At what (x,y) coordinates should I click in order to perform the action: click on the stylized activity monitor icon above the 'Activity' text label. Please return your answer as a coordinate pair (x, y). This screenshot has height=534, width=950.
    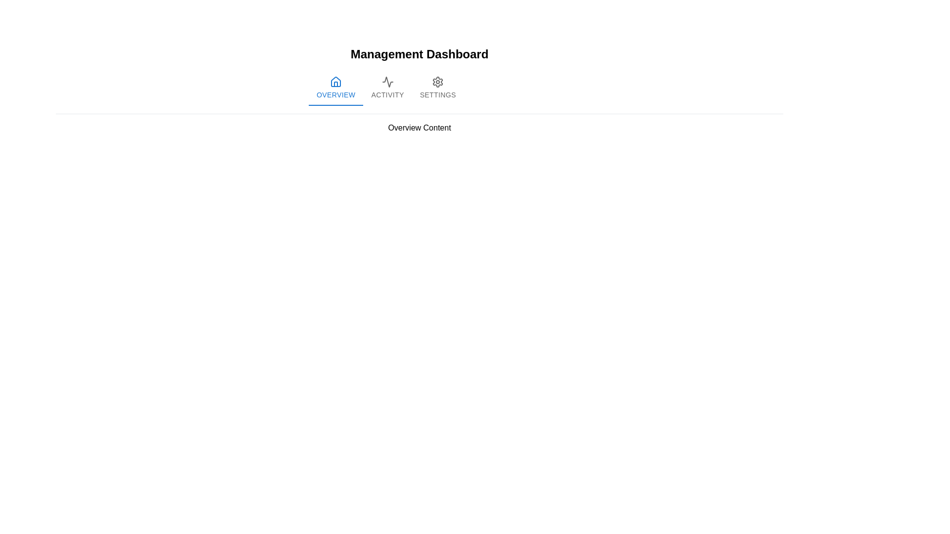
    Looking at the image, I should click on (387, 82).